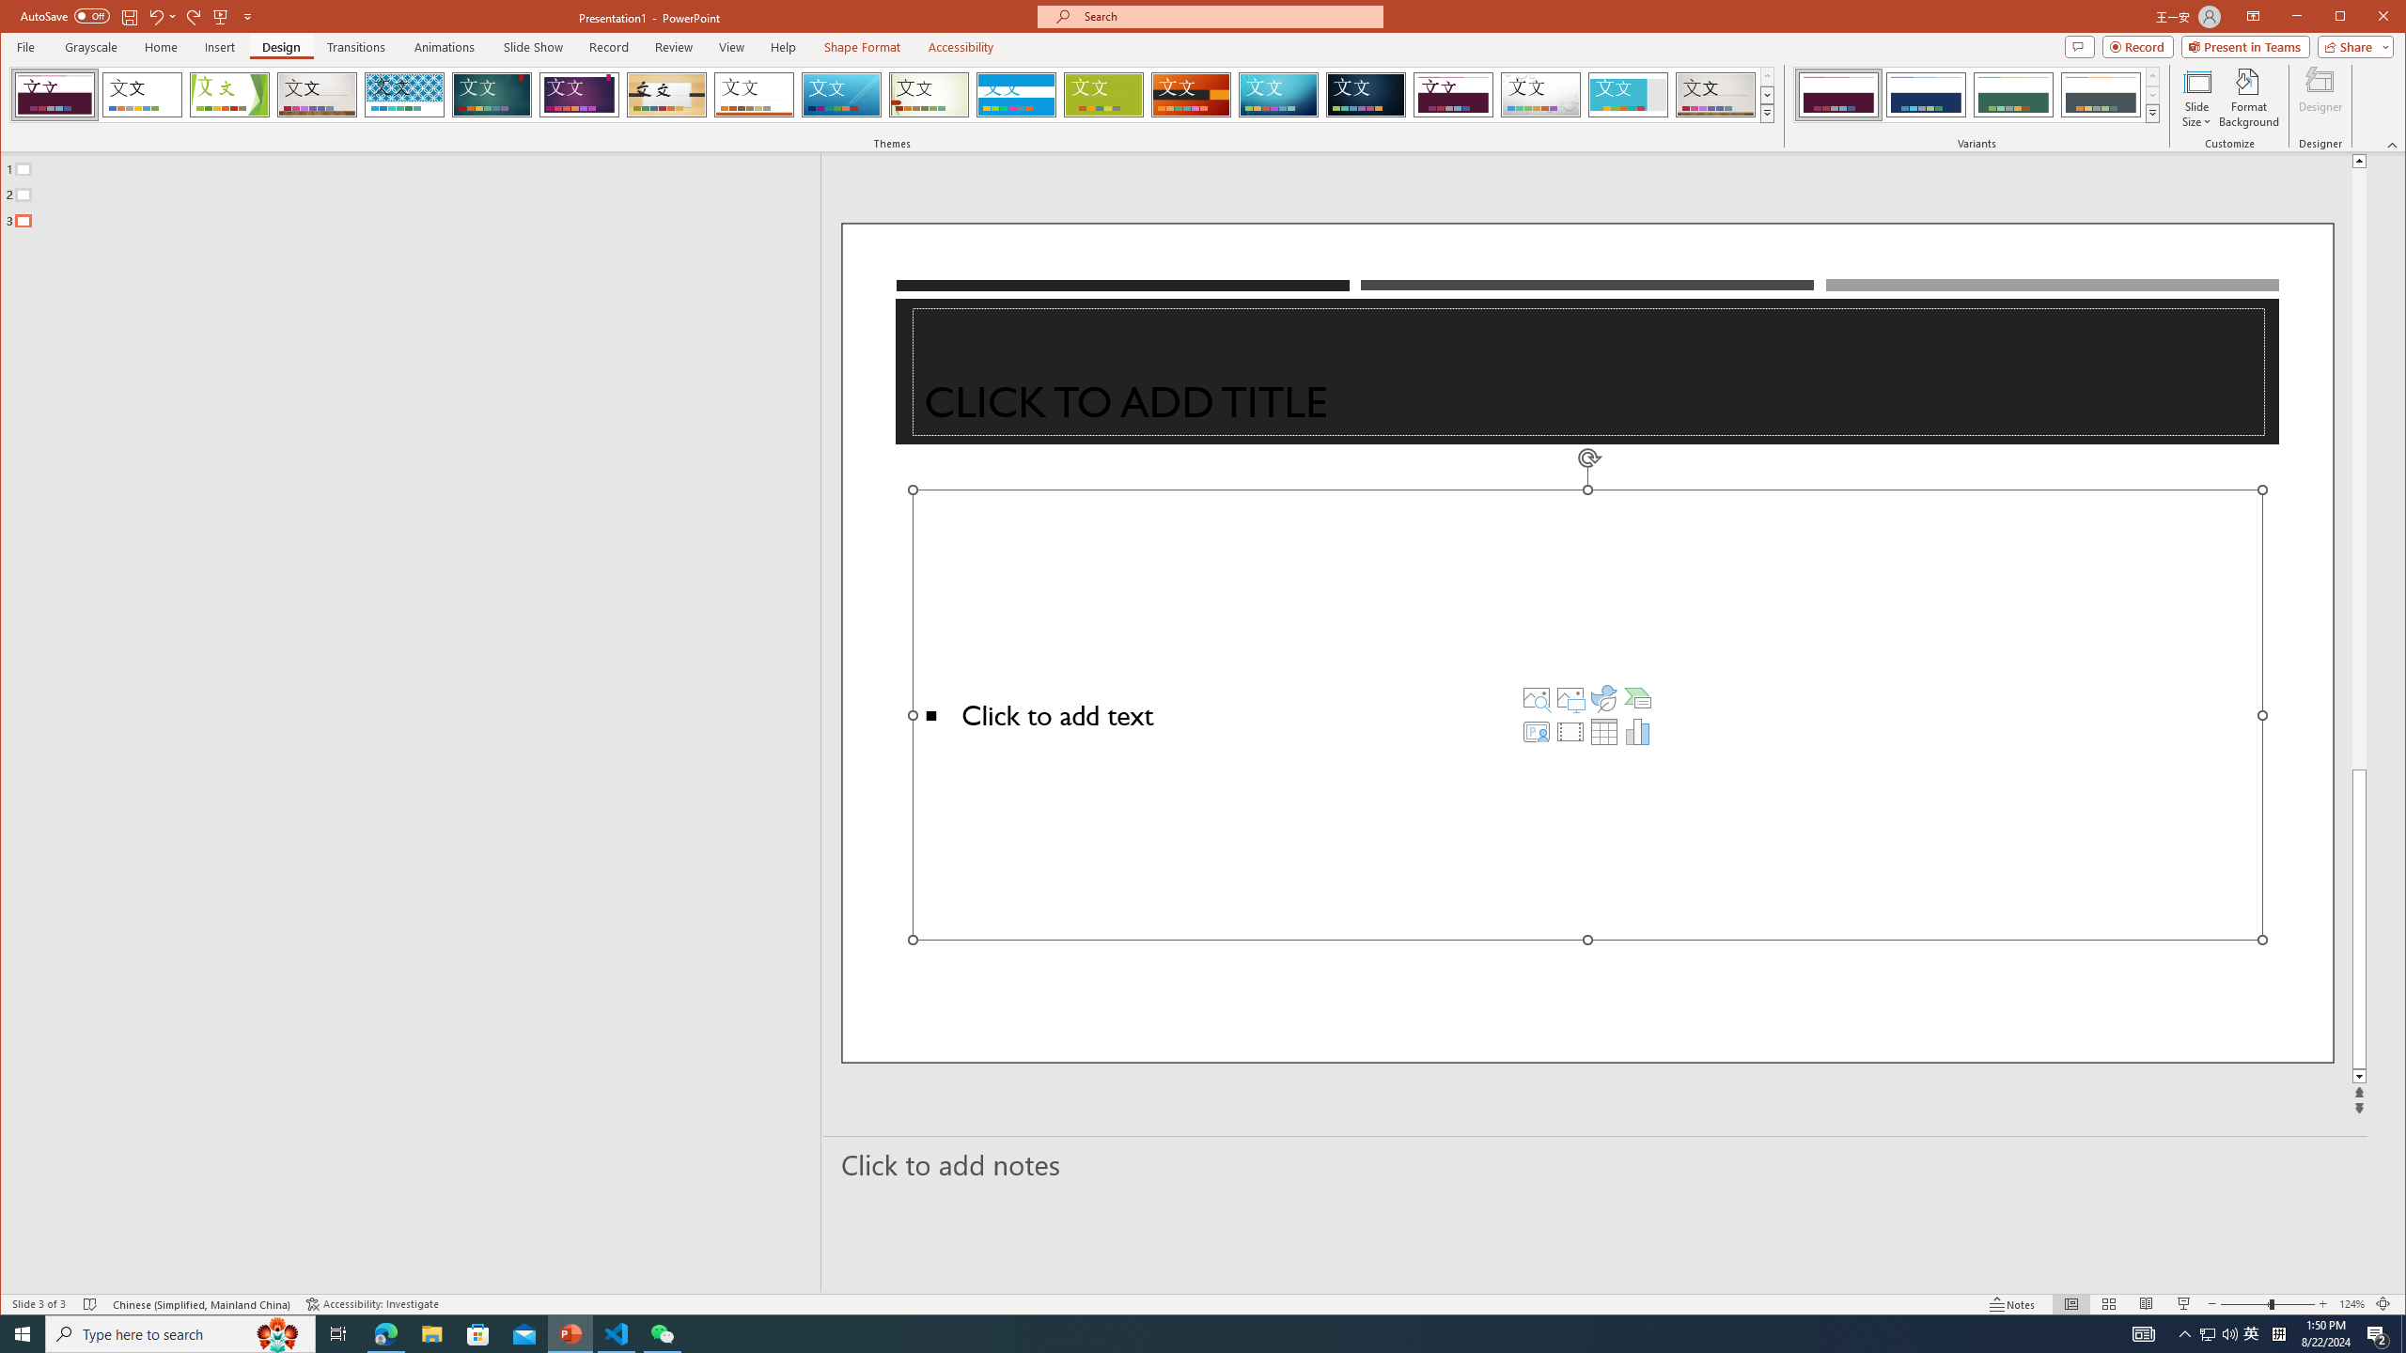 The width and height of the screenshot is (2406, 1353). What do you see at coordinates (2351, 1303) in the screenshot?
I see `'Zoom 124%'` at bounding box center [2351, 1303].